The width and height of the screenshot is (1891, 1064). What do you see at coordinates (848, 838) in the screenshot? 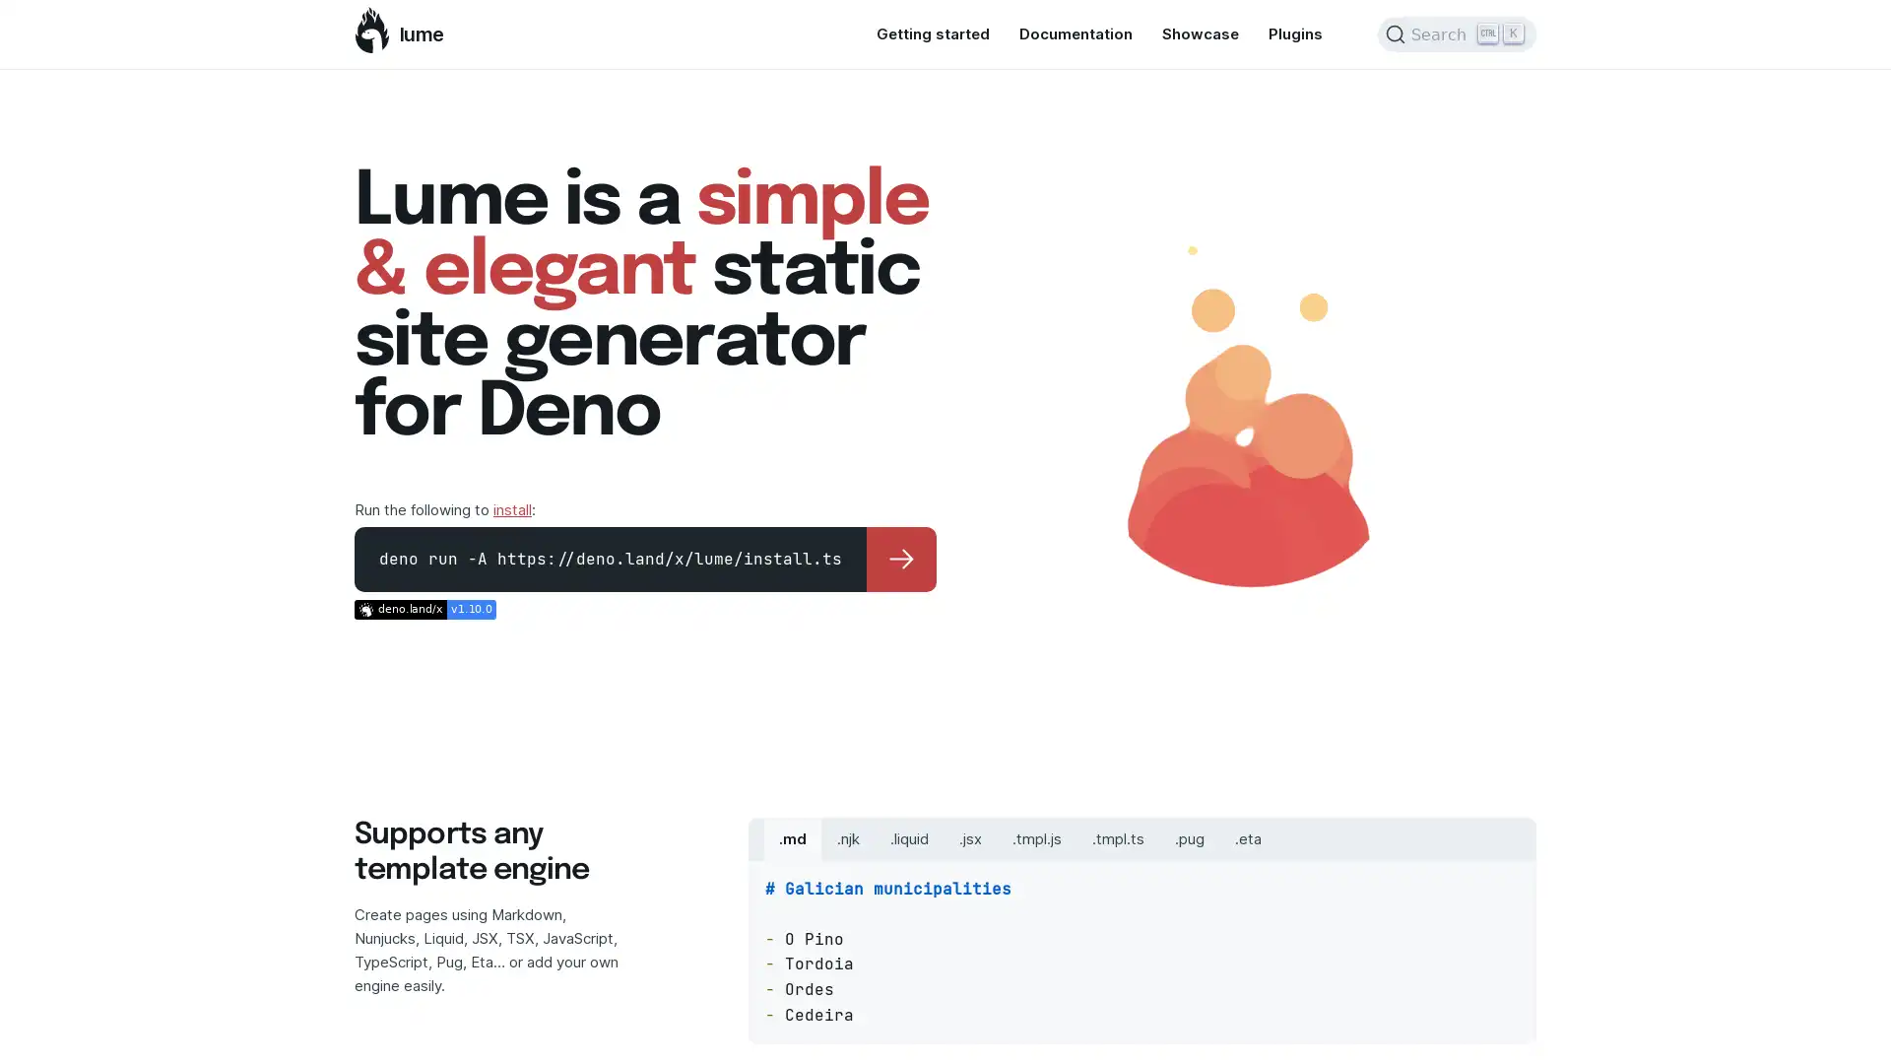
I see `.njk` at bounding box center [848, 838].